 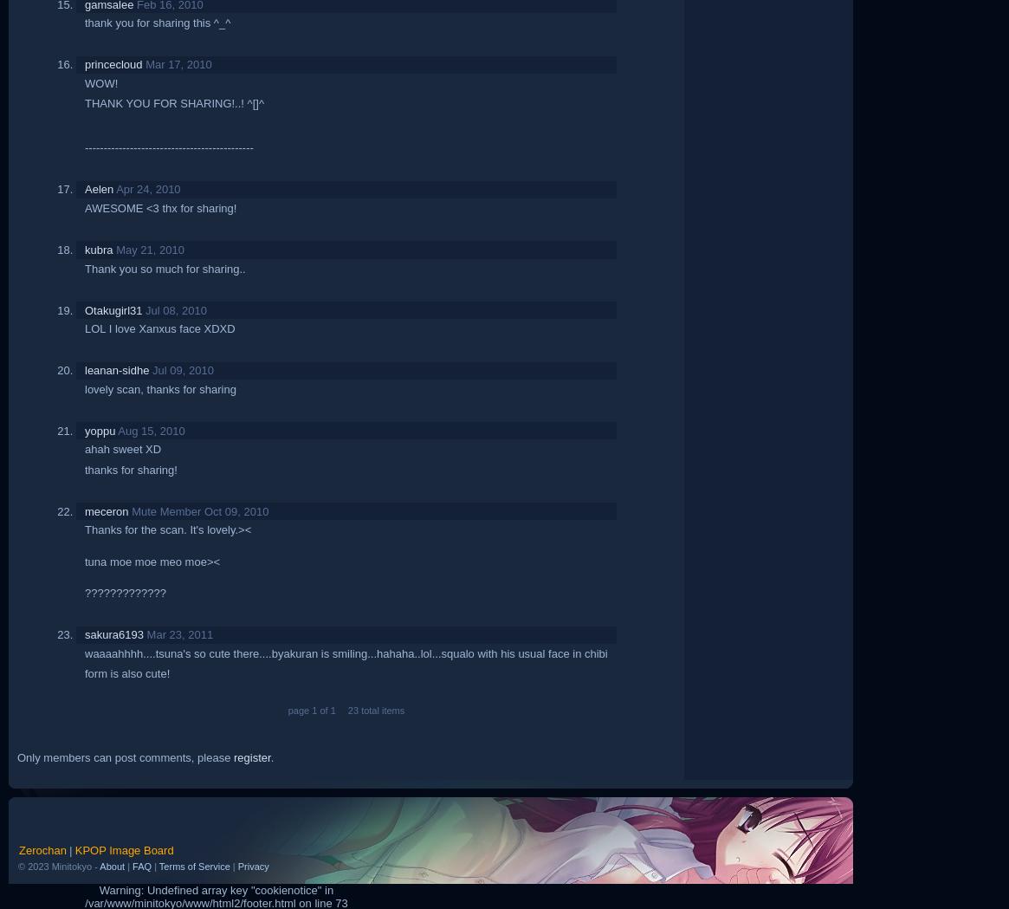 What do you see at coordinates (115, 250) in the screenshot?
I see `'May 21, 2010'` at bounding box center [115, 250].